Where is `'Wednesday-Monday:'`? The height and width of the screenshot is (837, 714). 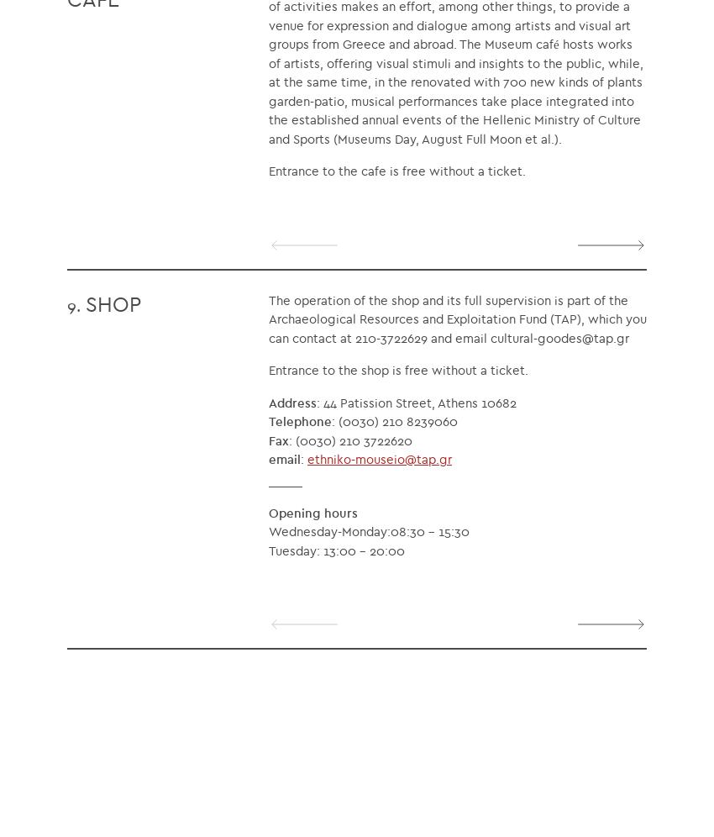
'Wednesday-Monday:' is located at coordinates (329, 530).